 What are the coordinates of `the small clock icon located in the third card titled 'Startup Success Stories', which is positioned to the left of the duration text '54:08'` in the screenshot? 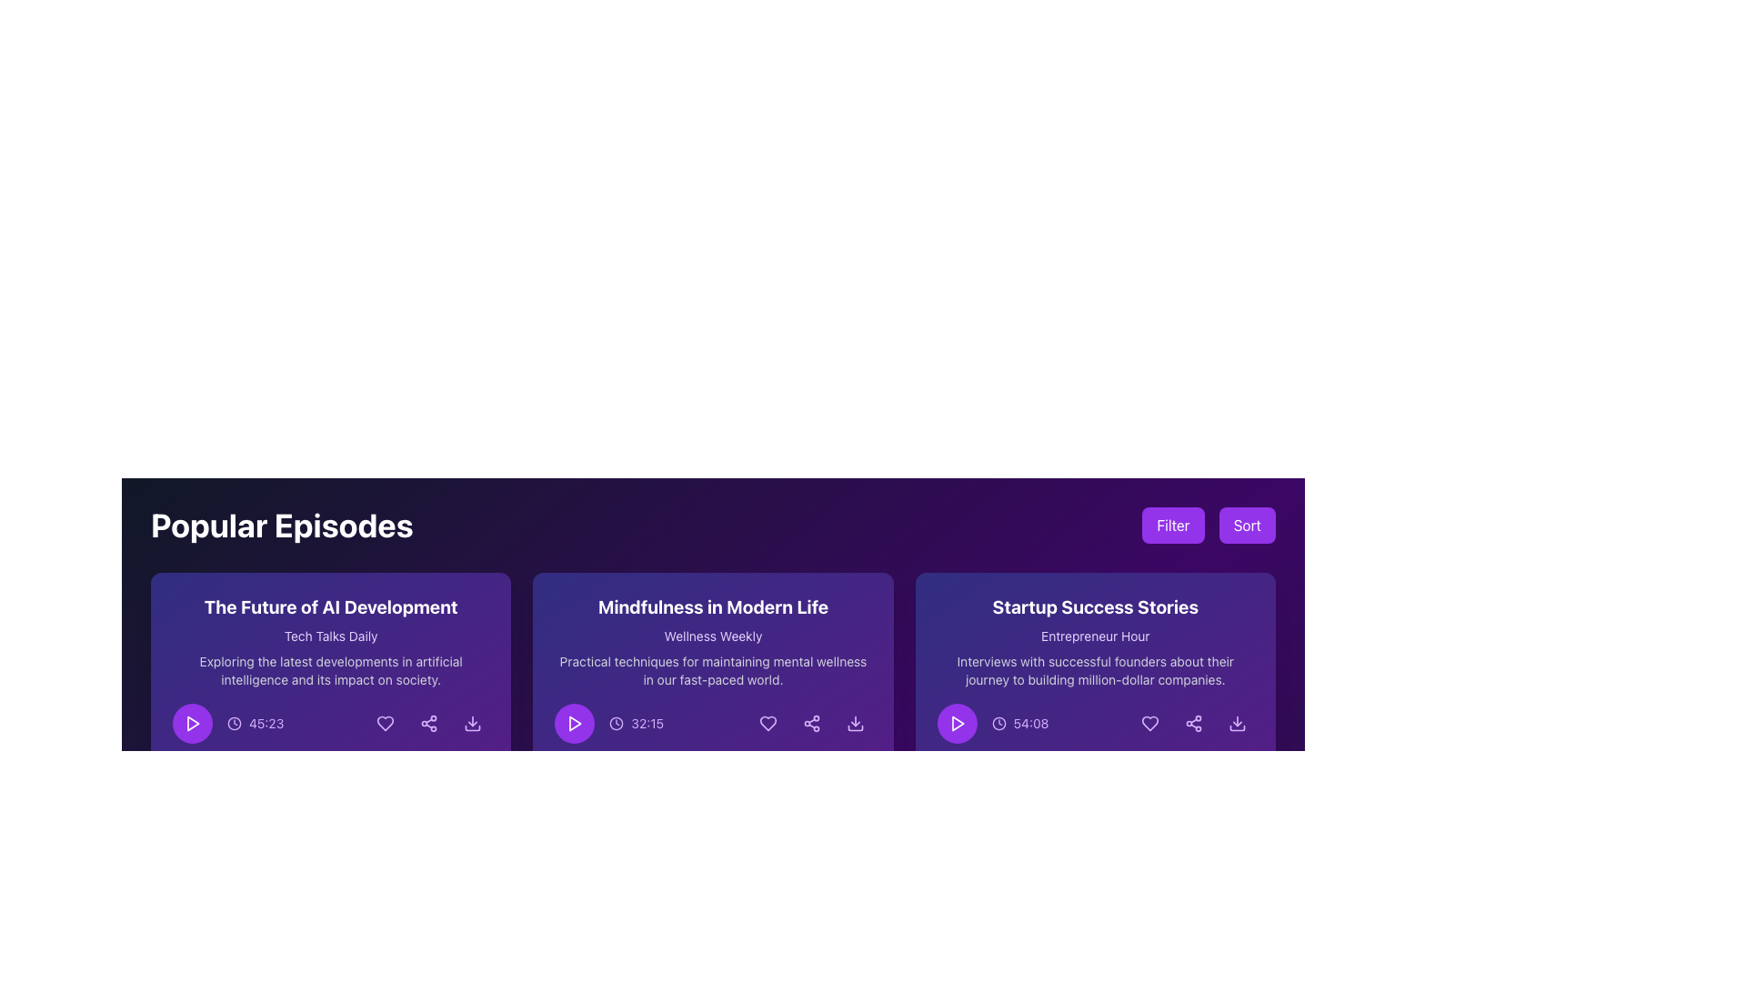 It's located at (998, 722).